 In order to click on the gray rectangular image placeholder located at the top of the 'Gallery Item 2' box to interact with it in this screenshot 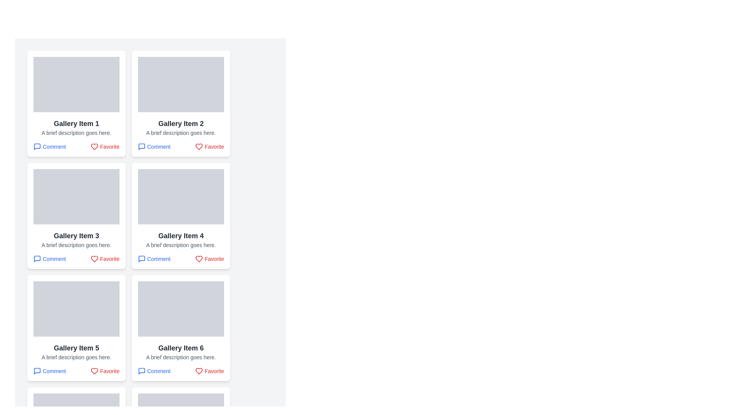, I will do `click(180, 84)`.